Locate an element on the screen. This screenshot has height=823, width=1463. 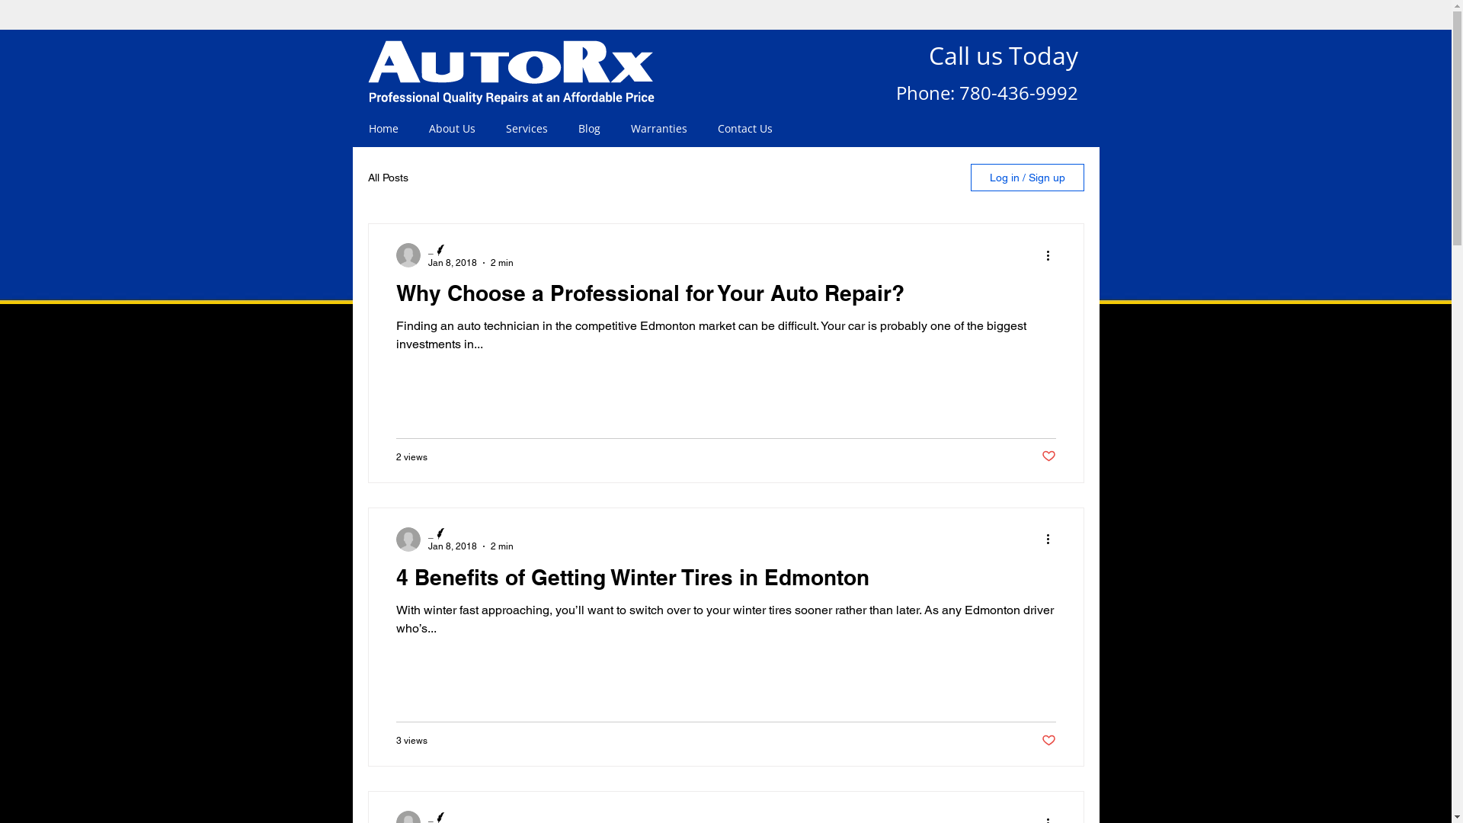
'About Us' is located at coordinates (450, 128).